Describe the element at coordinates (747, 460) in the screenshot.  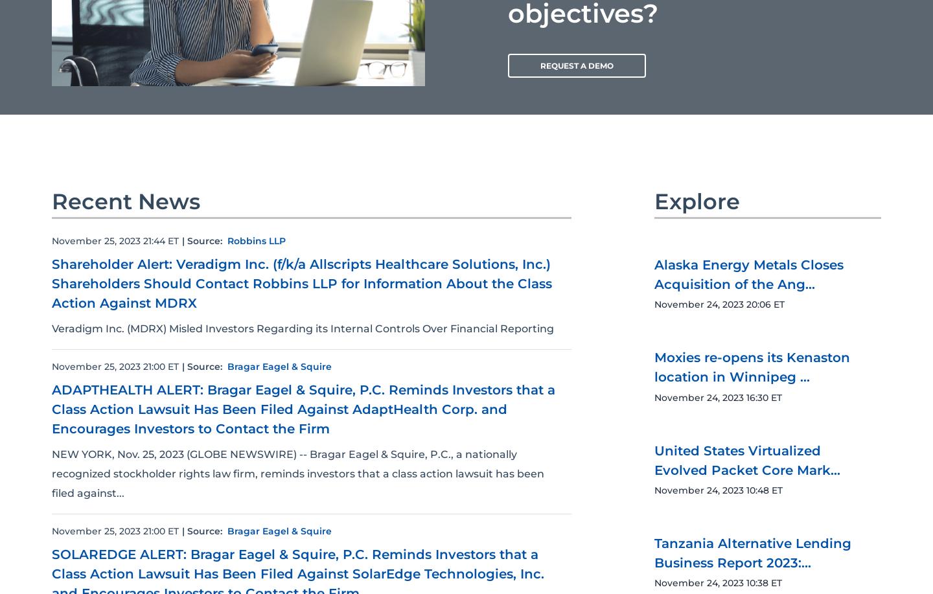
I see `'United States Virtualized Evolved Packet Core Mark...'` at that location.